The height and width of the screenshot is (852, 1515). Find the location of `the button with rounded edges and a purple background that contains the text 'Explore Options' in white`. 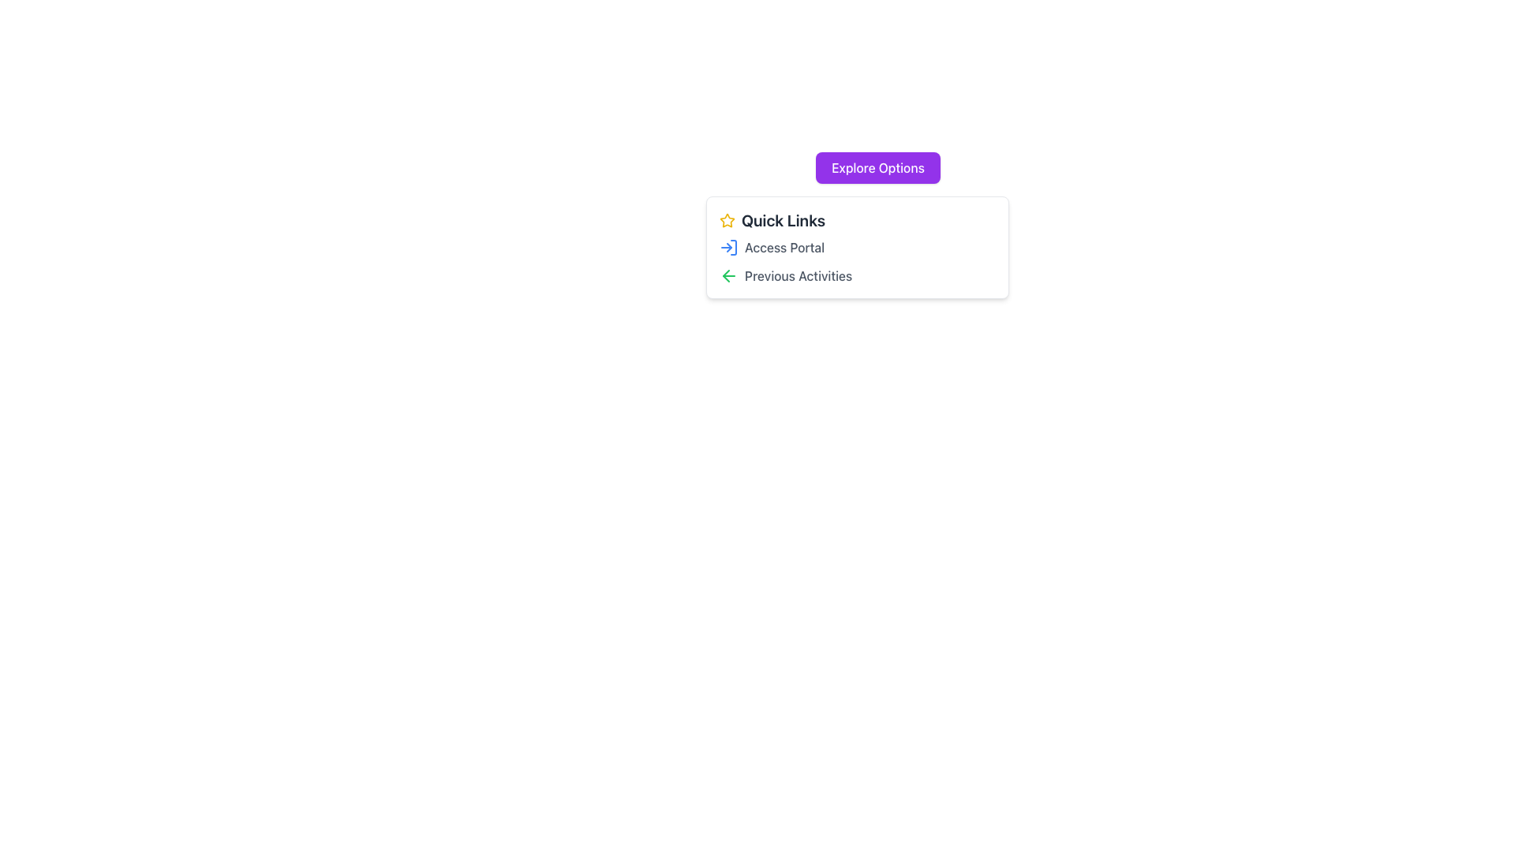

the button with rounded edges and a purple background that contains the text 'Explore Options' in white is located at coordinates (877, 167).